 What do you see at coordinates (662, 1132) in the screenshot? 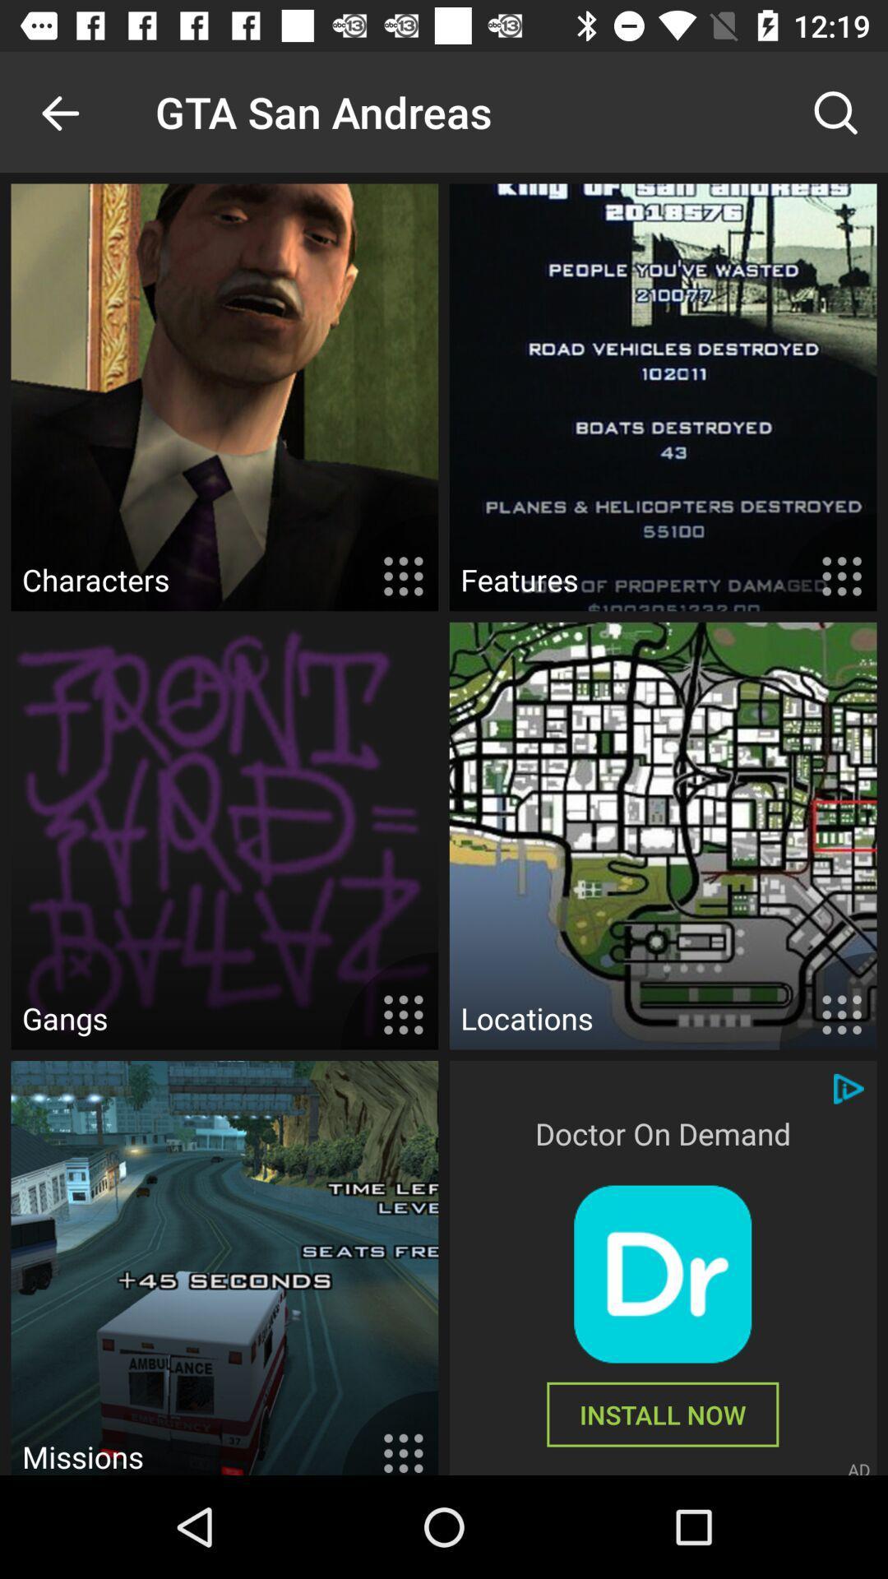
I see `the doctor on demand icon` at bounding box center [662, 1132].